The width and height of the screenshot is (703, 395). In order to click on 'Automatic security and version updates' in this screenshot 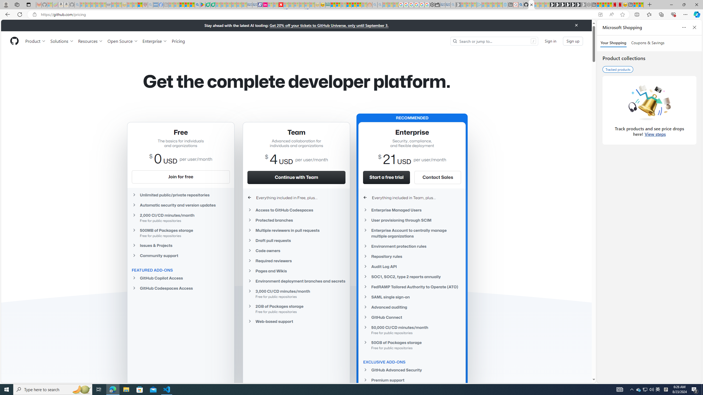, I will do `click(180, 205)`.